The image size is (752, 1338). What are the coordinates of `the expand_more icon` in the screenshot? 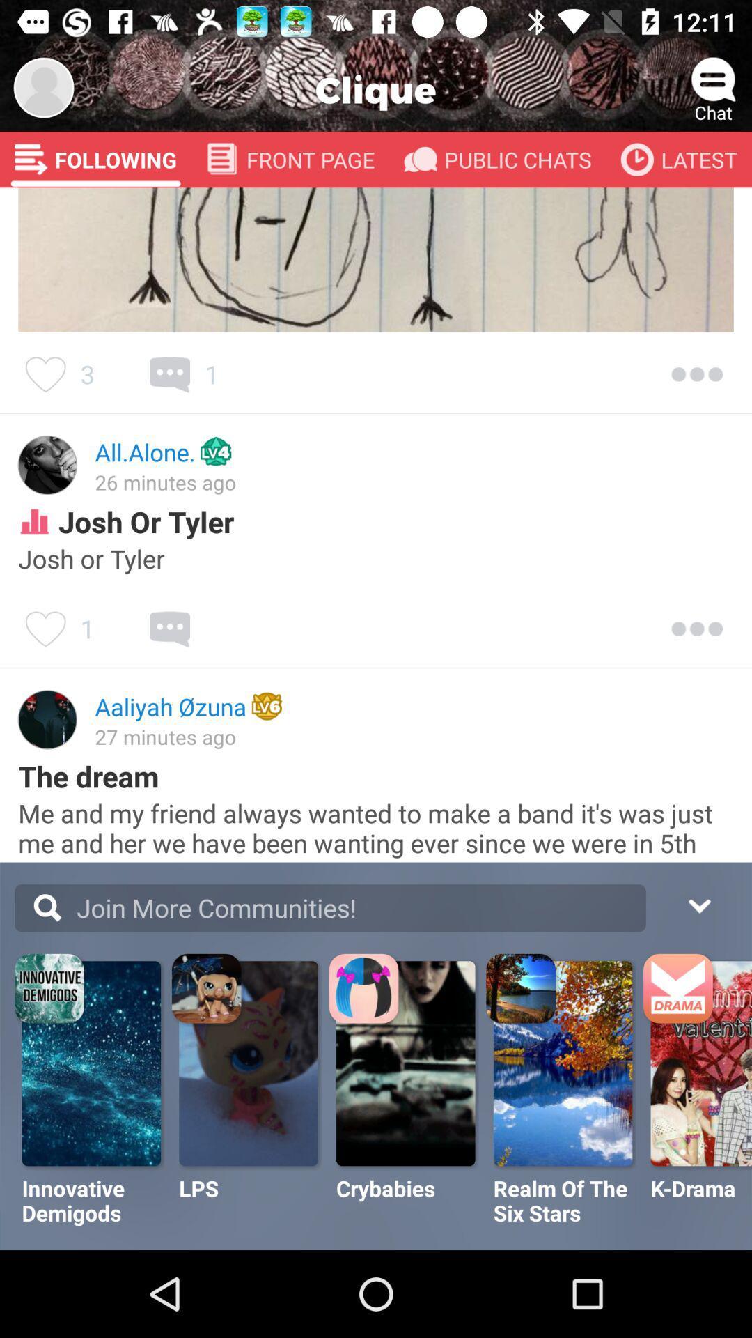 It's located at (698, 904).